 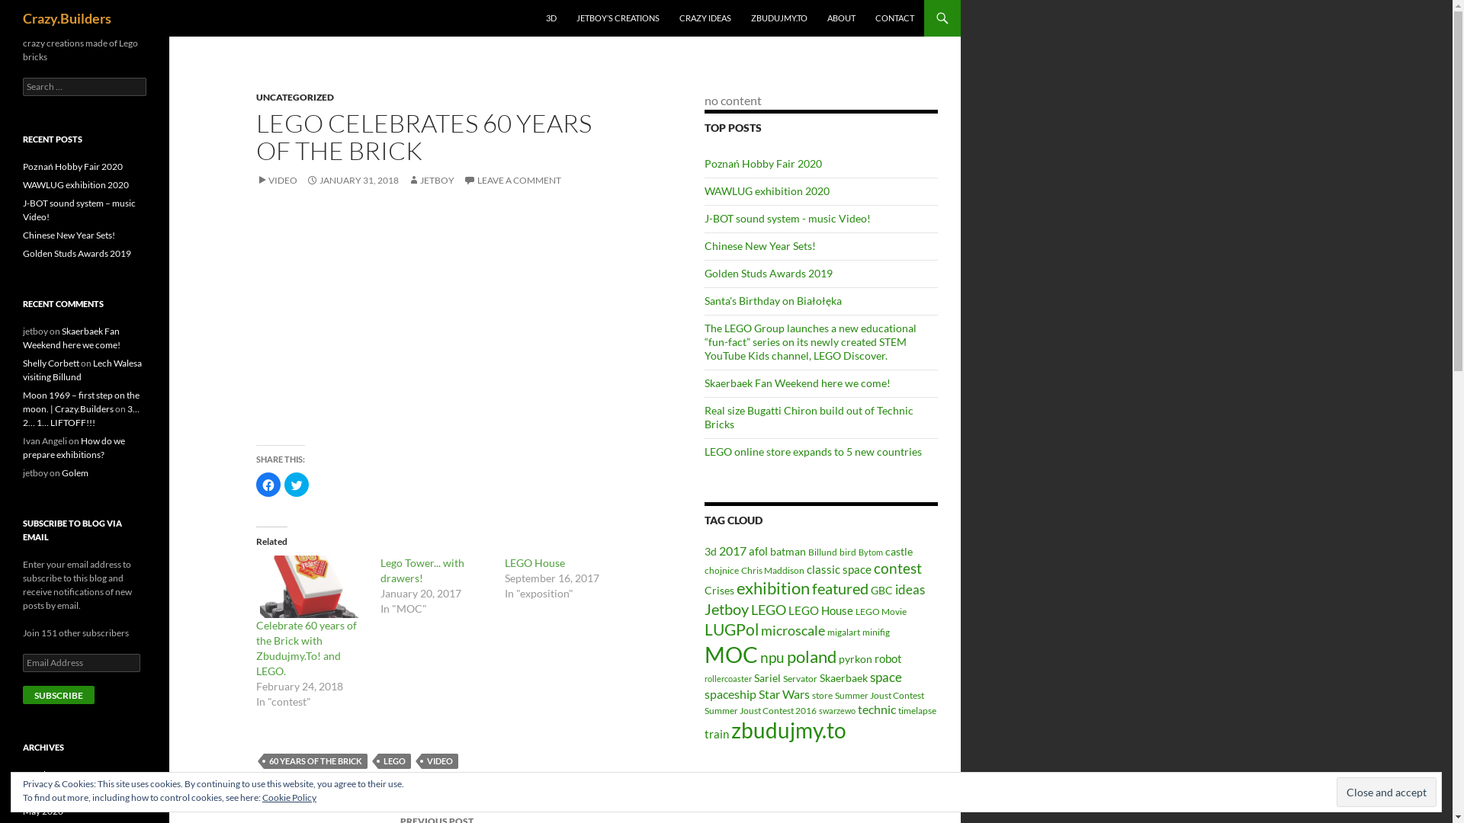 What do you see at coordinates (284, 485) in the screenshot?
I see `'Click to share on Twitter (Opens in new window)'` at bounding box center [284, 485].